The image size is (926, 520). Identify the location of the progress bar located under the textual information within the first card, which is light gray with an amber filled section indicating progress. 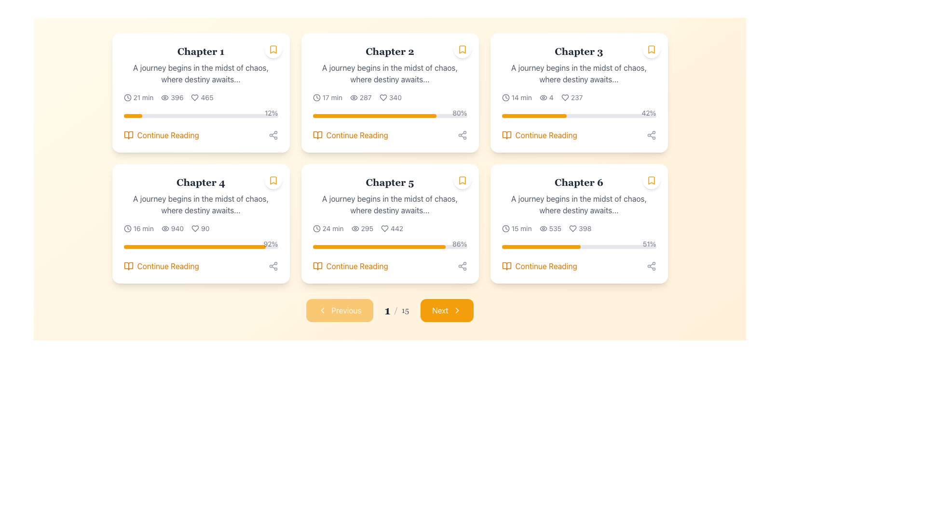
(200, 115).